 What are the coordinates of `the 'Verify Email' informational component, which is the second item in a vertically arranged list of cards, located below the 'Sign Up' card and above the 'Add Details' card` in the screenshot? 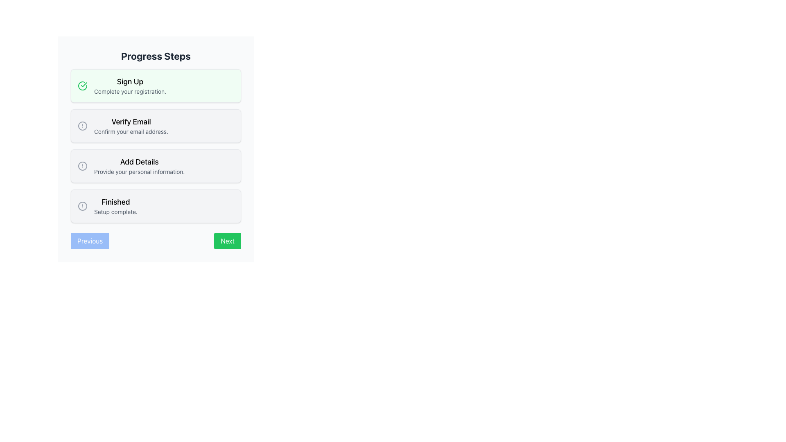 It's located at (131, 126).